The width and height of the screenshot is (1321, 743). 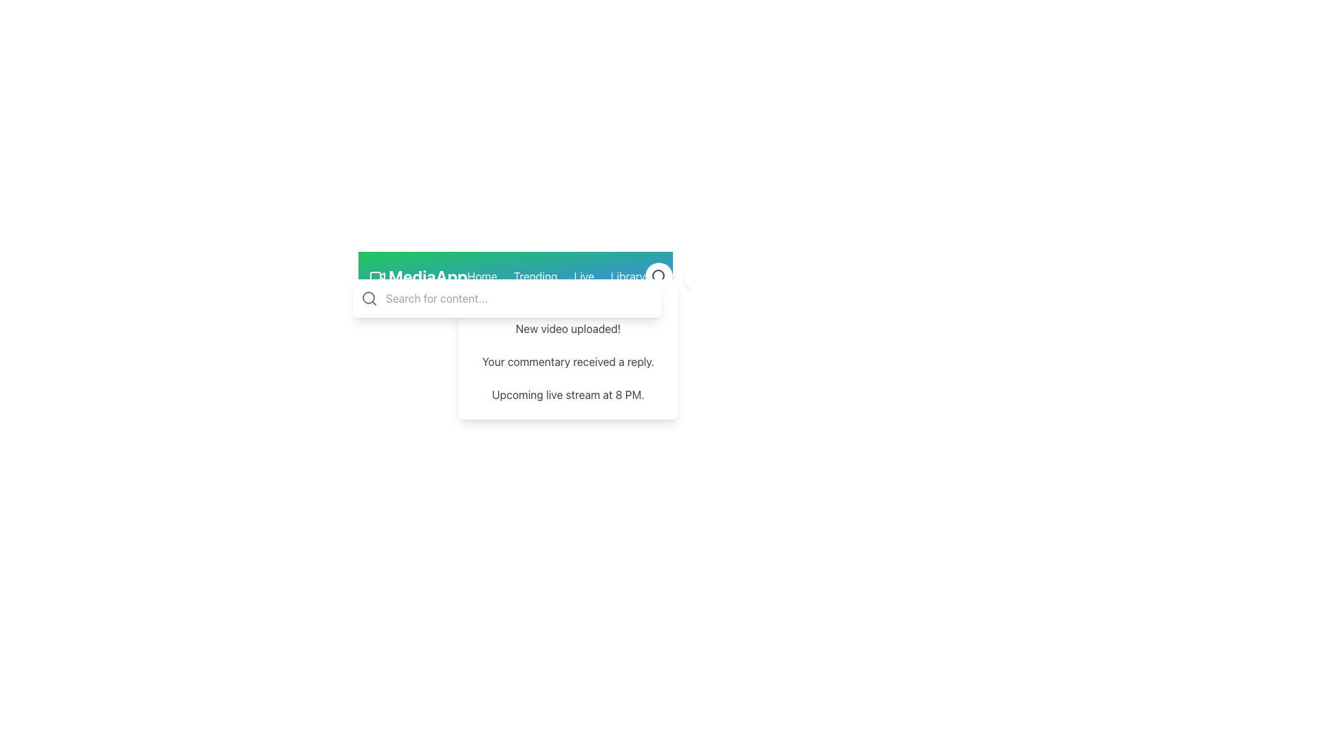 I want to click on the update on the second notification item in the dropdown menu labeled 'Notifications', which provides specific updates to the user, so click(x=568, y=360).